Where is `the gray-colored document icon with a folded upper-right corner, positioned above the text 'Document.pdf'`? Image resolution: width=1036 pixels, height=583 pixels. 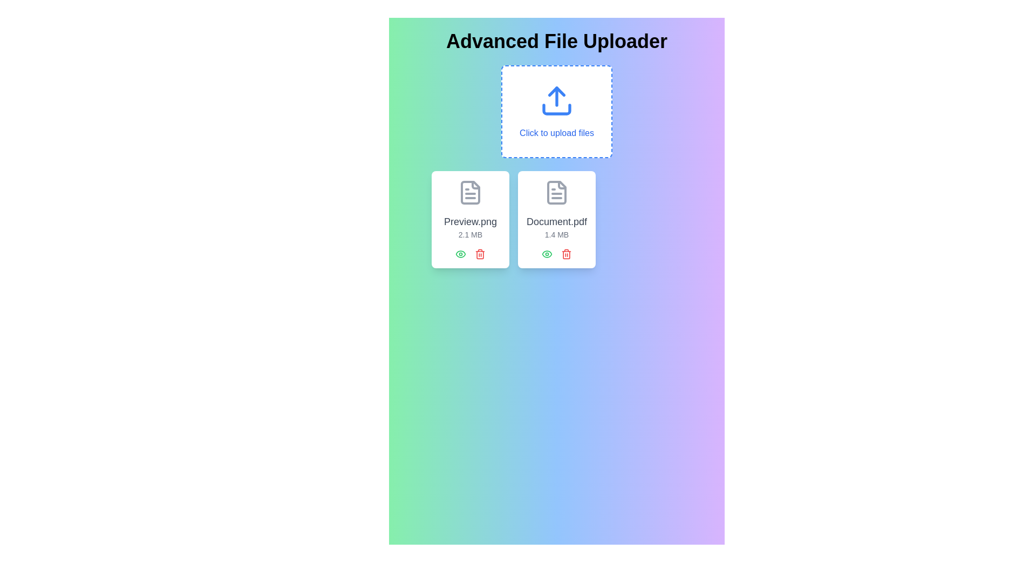
the gray-colored document icon with a folded upper-right corner, positioned above the text 'Document.pdf' is located at coordinates (557, 192).